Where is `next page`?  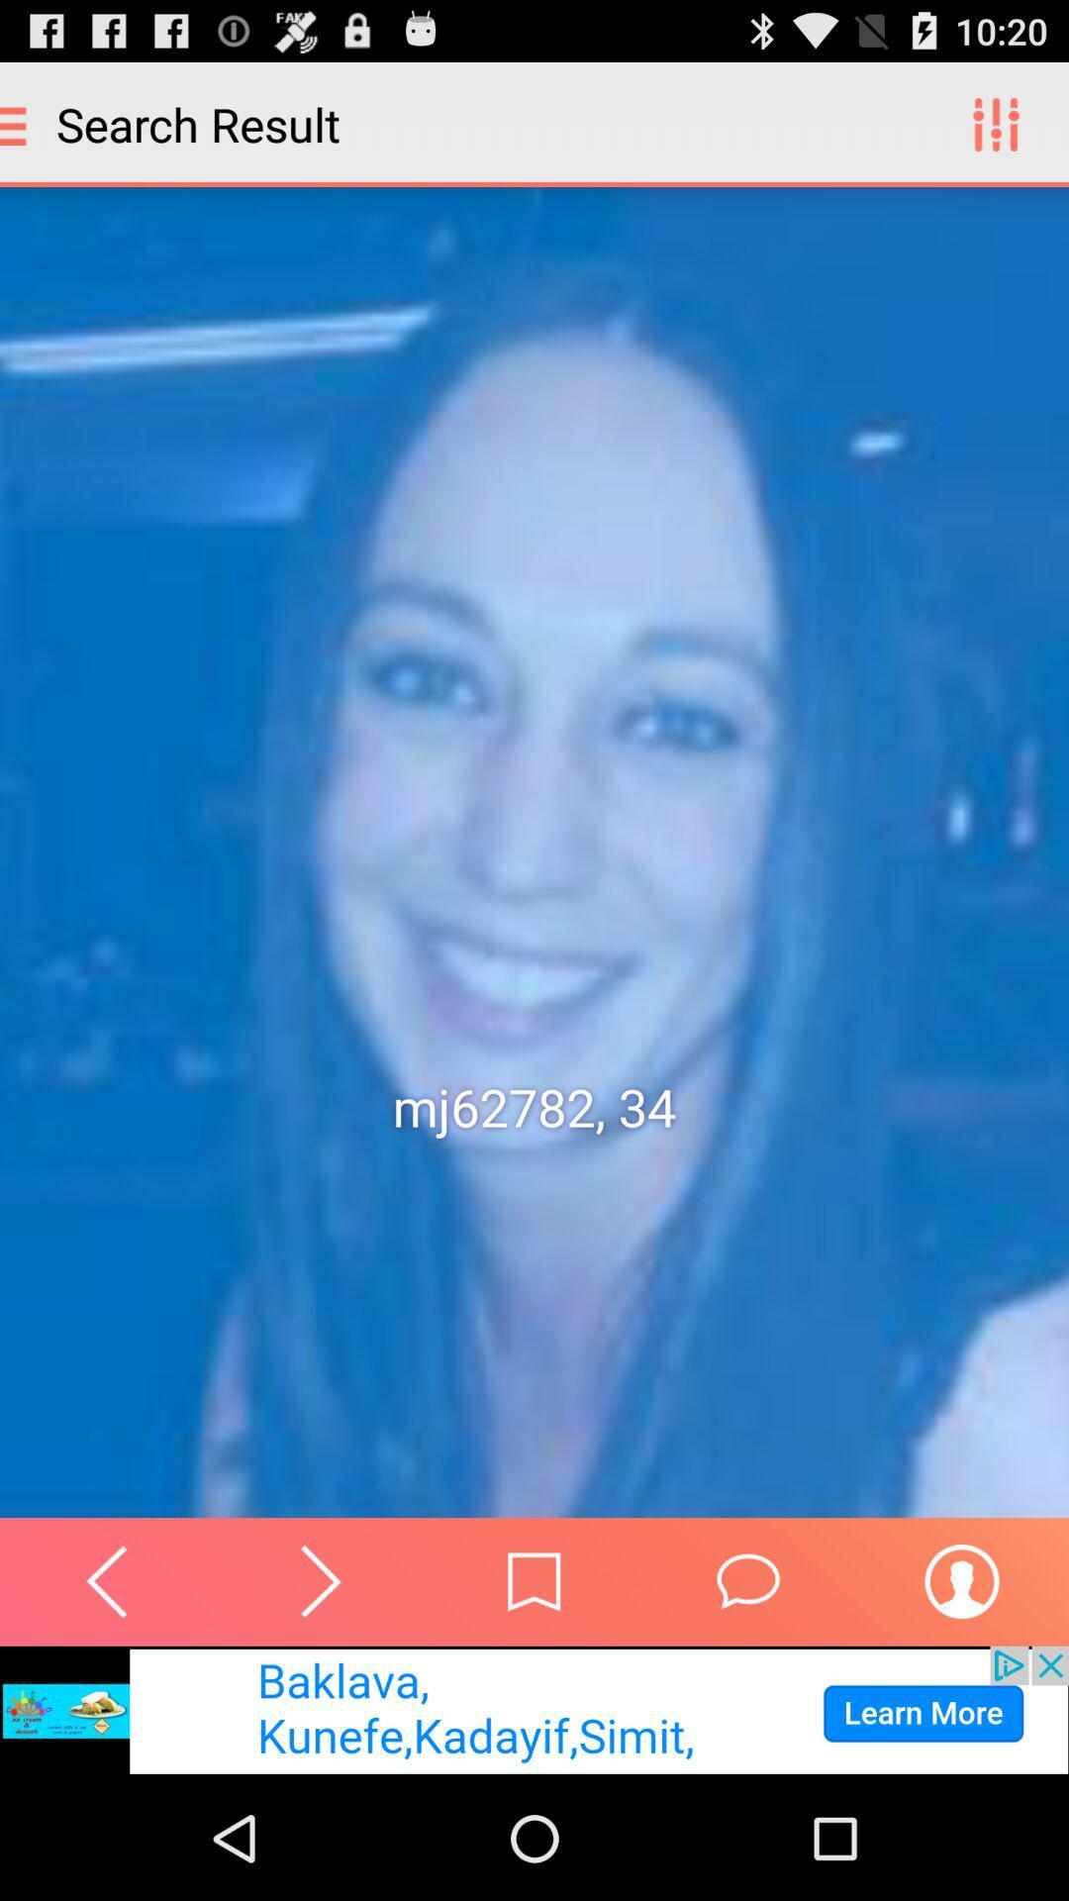
next page is located at coordinates (320, 1580).